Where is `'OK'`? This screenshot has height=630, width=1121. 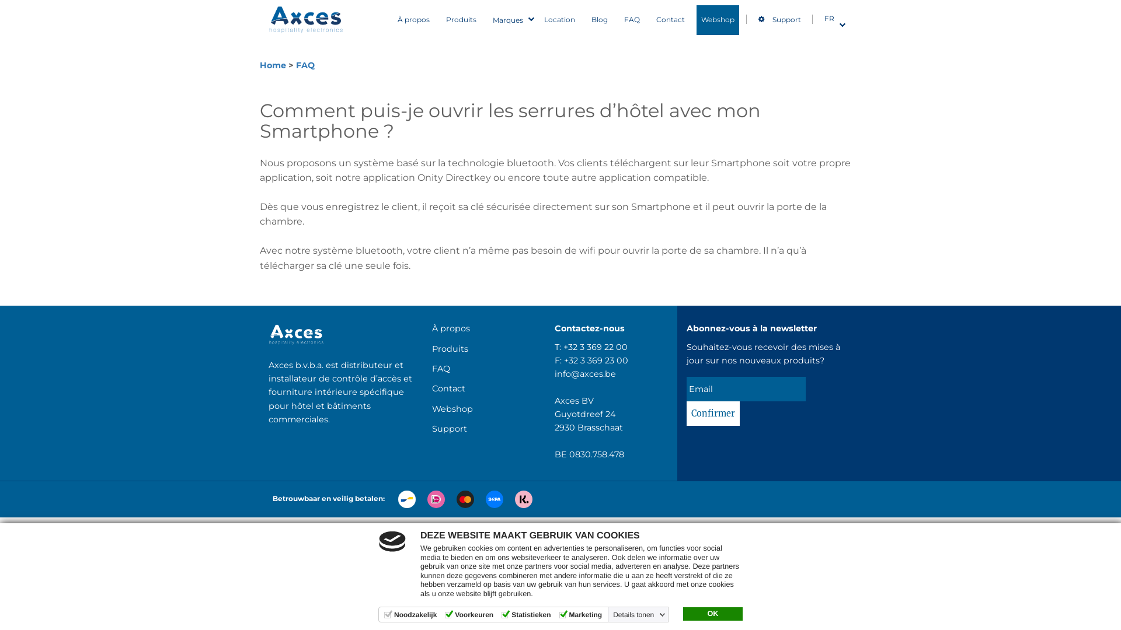
'OK' is located at coordinates (712, 614).